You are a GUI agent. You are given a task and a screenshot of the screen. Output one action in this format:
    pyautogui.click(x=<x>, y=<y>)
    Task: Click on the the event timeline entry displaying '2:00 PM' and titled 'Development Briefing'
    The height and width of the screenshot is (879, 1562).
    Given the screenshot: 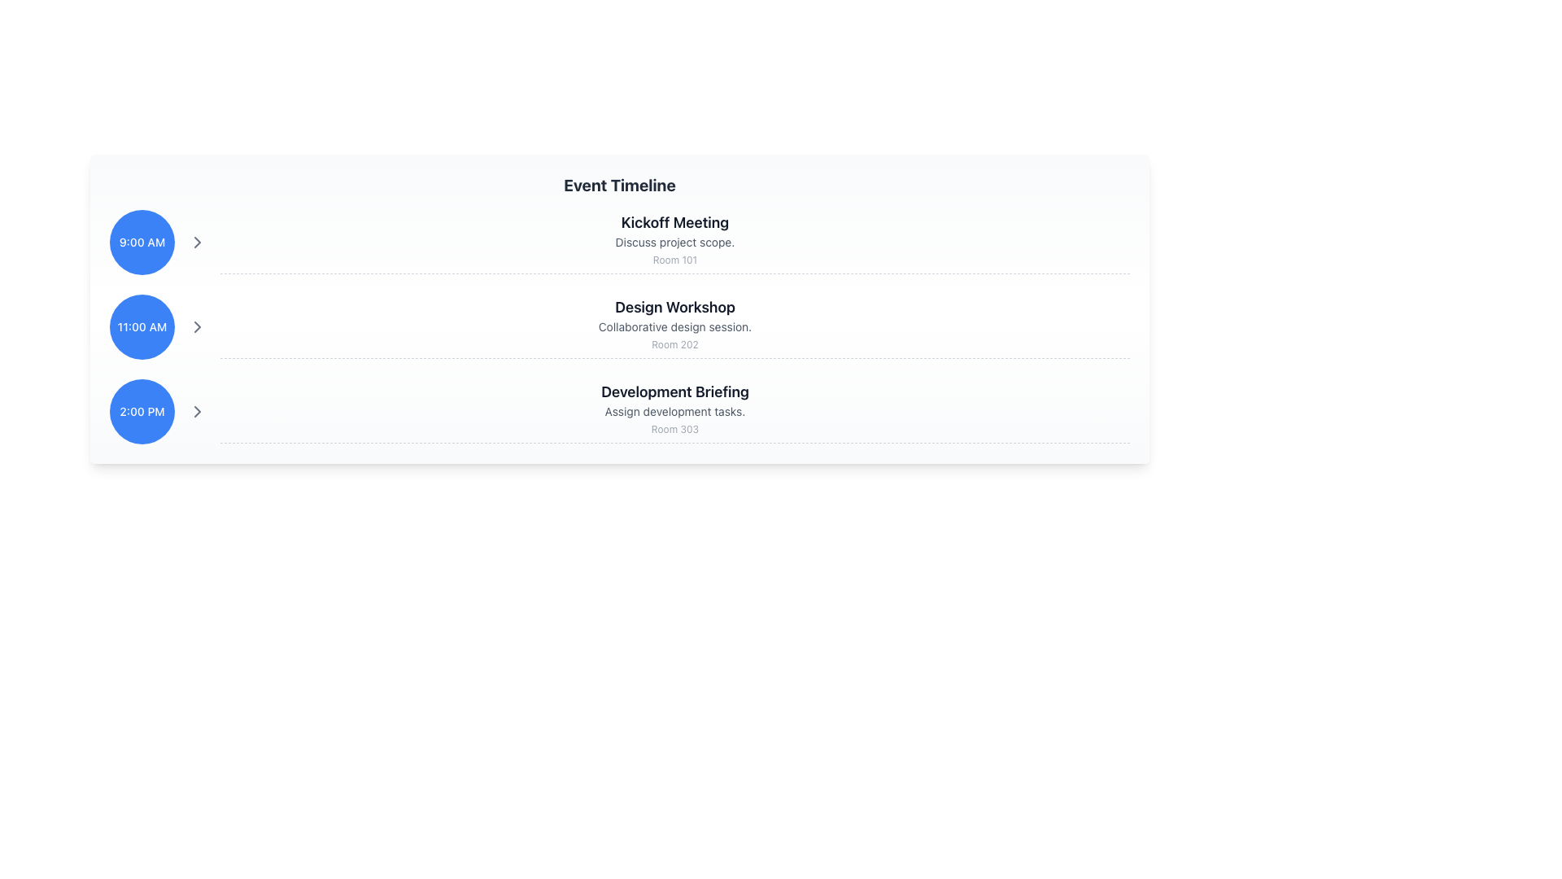 What is the action you would take?
    pyautogui.click(x=619, y=410)
    